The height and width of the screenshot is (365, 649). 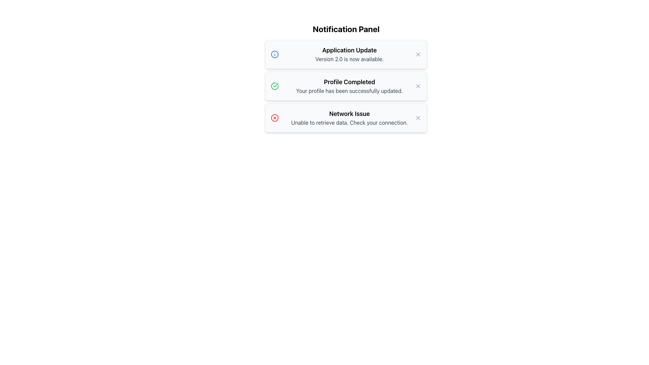 I want to click on the circular icon that represents the notification item 'Application Update', located in the far left of its row, so click(x=274, y=54).